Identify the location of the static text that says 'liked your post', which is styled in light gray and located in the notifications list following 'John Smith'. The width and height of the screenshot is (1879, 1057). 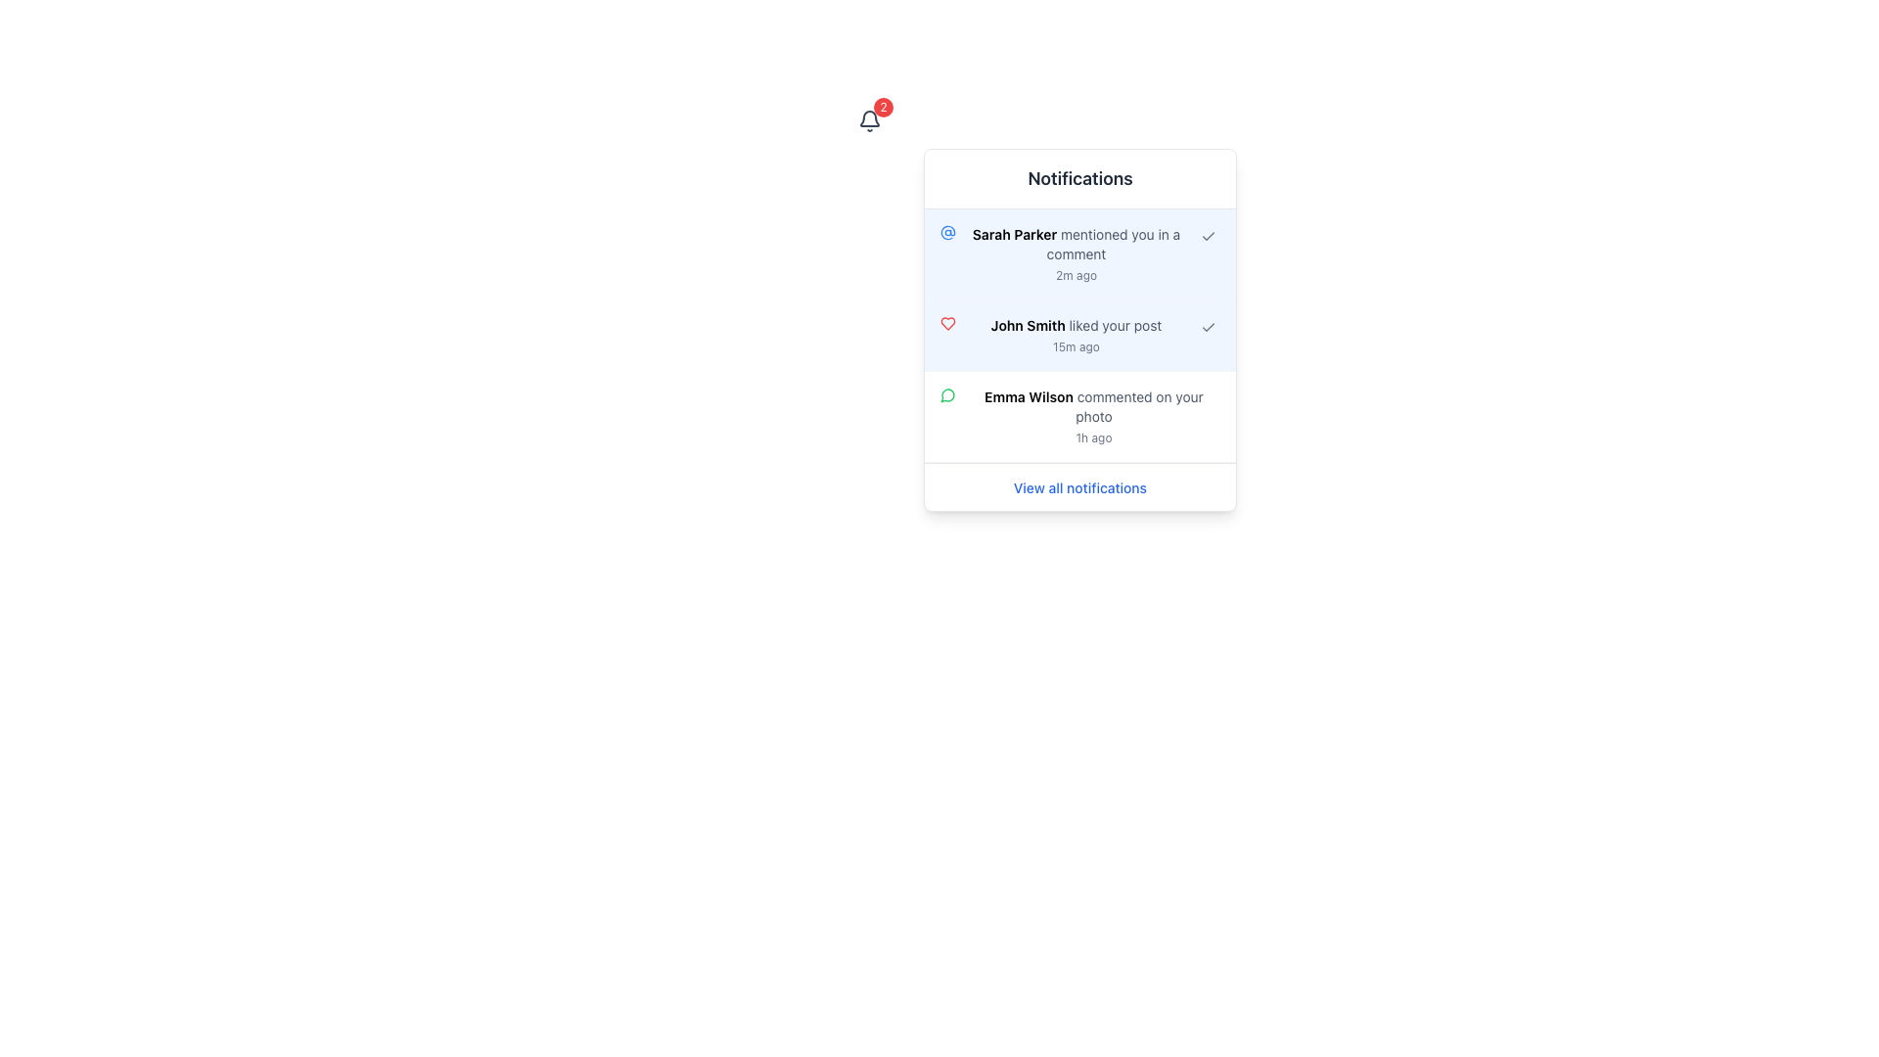
(1115, 324).